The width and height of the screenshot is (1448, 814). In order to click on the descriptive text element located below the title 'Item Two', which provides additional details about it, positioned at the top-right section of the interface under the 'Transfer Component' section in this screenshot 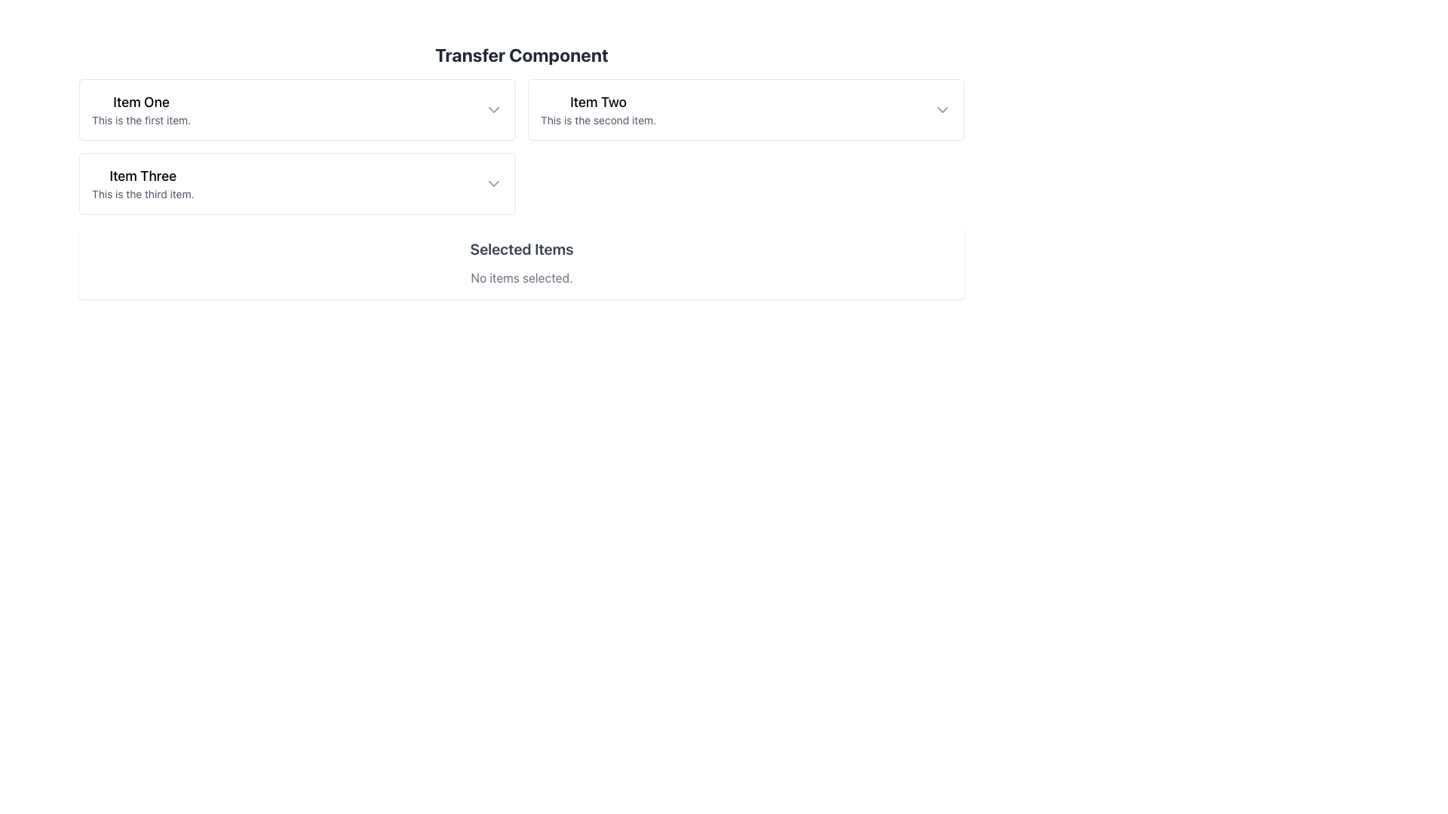, I will do `click(597, 119)`.